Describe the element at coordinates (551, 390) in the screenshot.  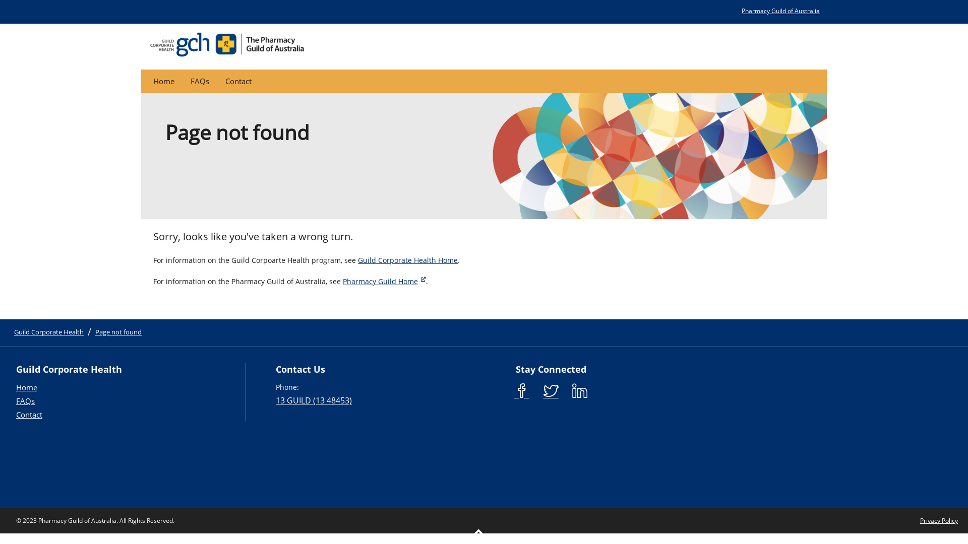
I see `'Pharmacy Guild Twitter'` at that location.